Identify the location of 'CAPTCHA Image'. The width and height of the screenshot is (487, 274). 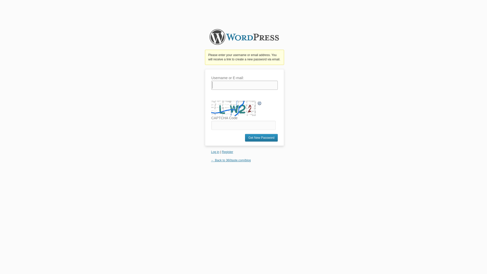
(234, 108).